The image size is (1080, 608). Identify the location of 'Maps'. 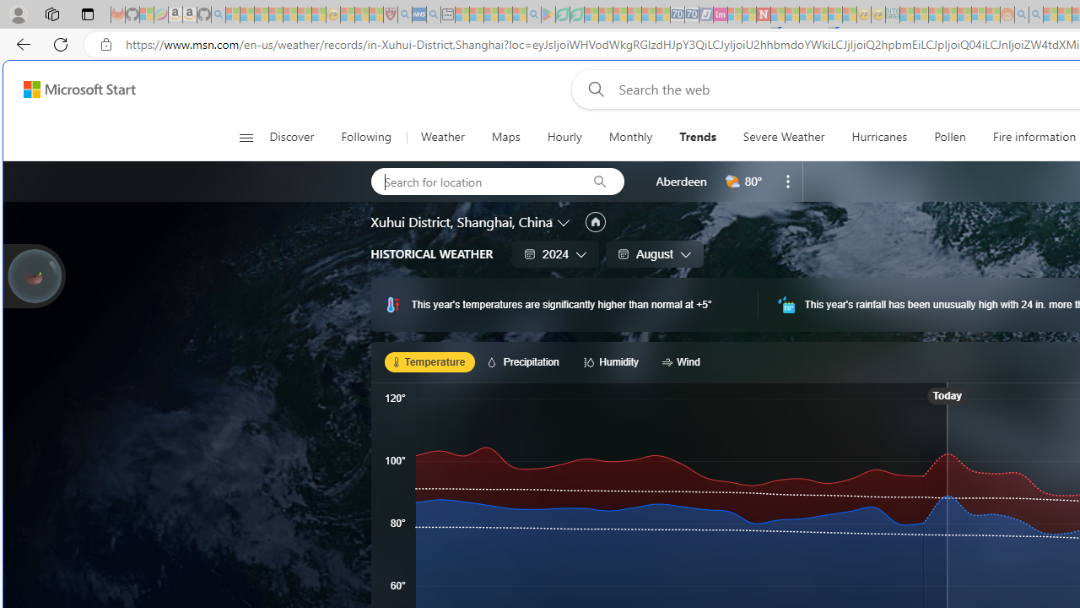
(505, 137).